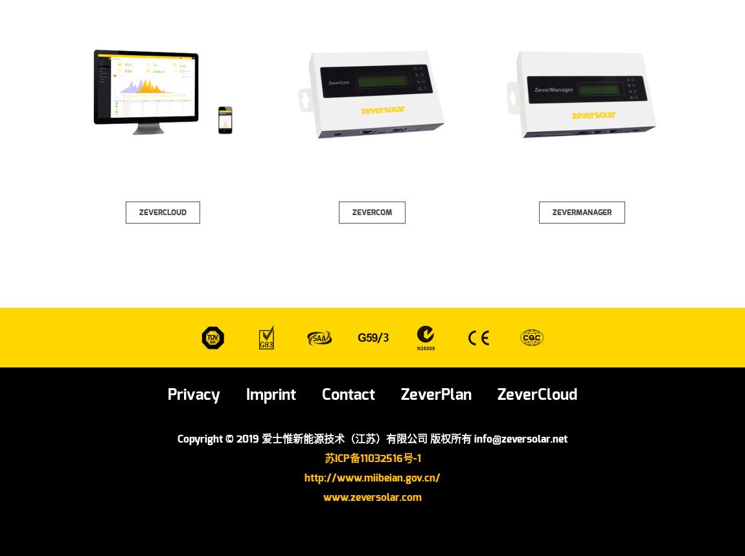  Describe the element at coordinates (246, 395) in the screenshot. I see `'Imprint'` at that location.